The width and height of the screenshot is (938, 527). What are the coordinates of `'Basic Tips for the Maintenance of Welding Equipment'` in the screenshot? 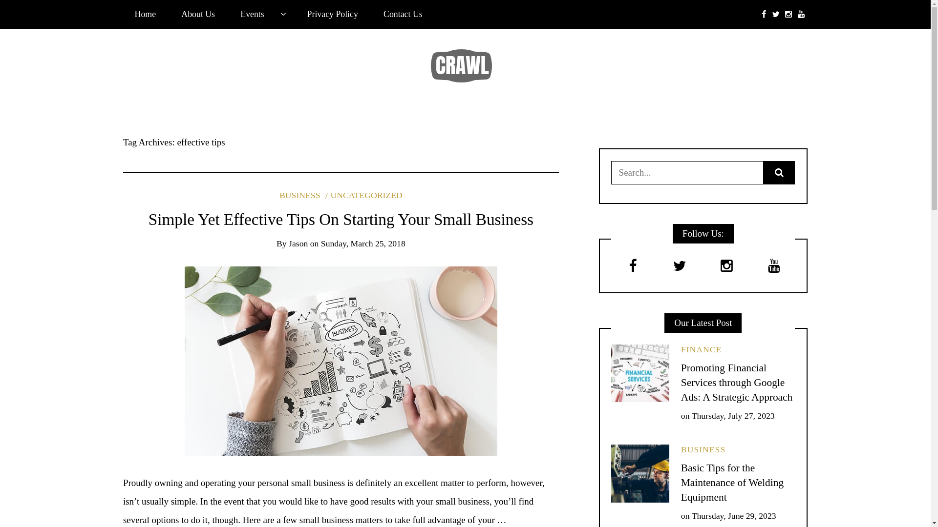 It's located at (732, 482).